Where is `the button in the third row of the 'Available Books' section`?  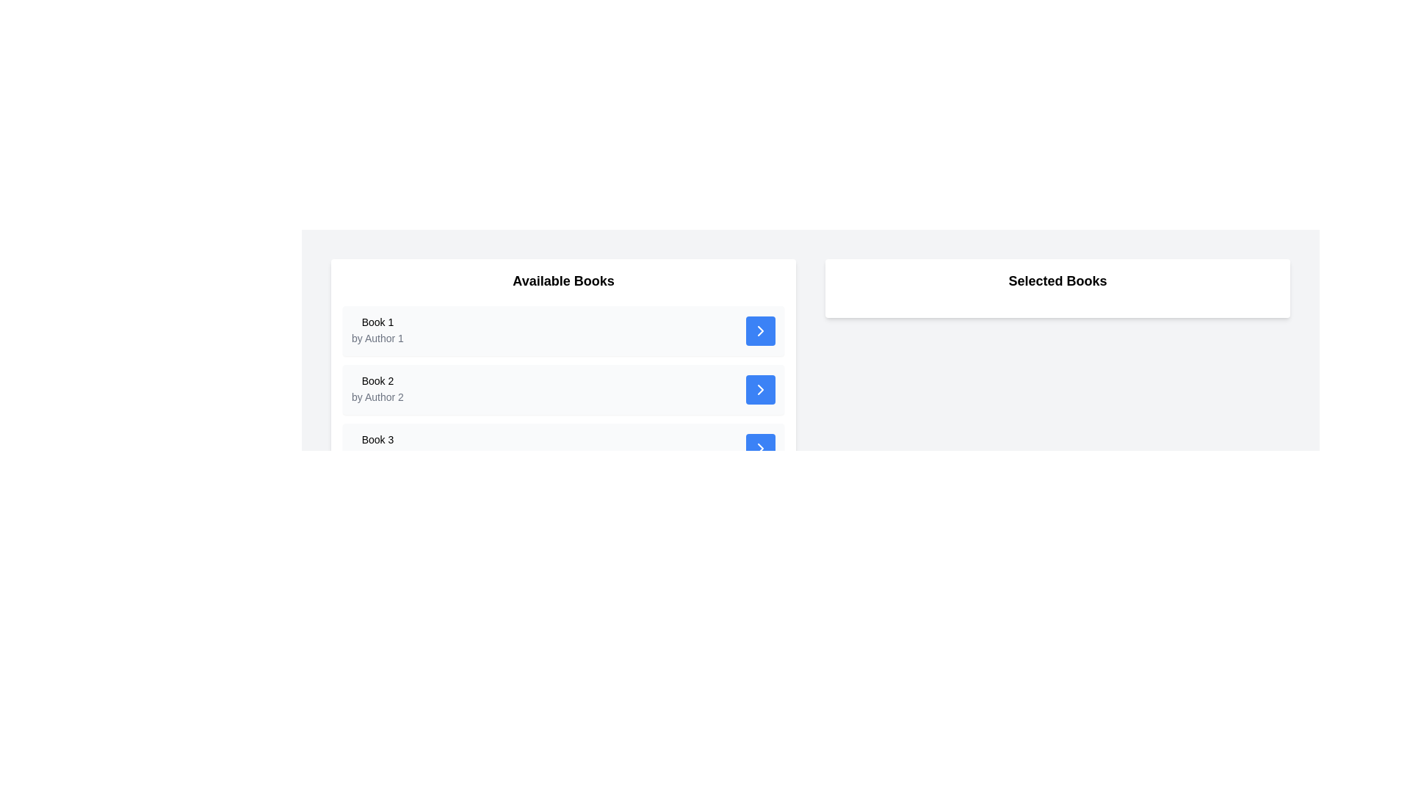 the button in the third row of the 'Available Books' section is located at coordinates (761, 447).